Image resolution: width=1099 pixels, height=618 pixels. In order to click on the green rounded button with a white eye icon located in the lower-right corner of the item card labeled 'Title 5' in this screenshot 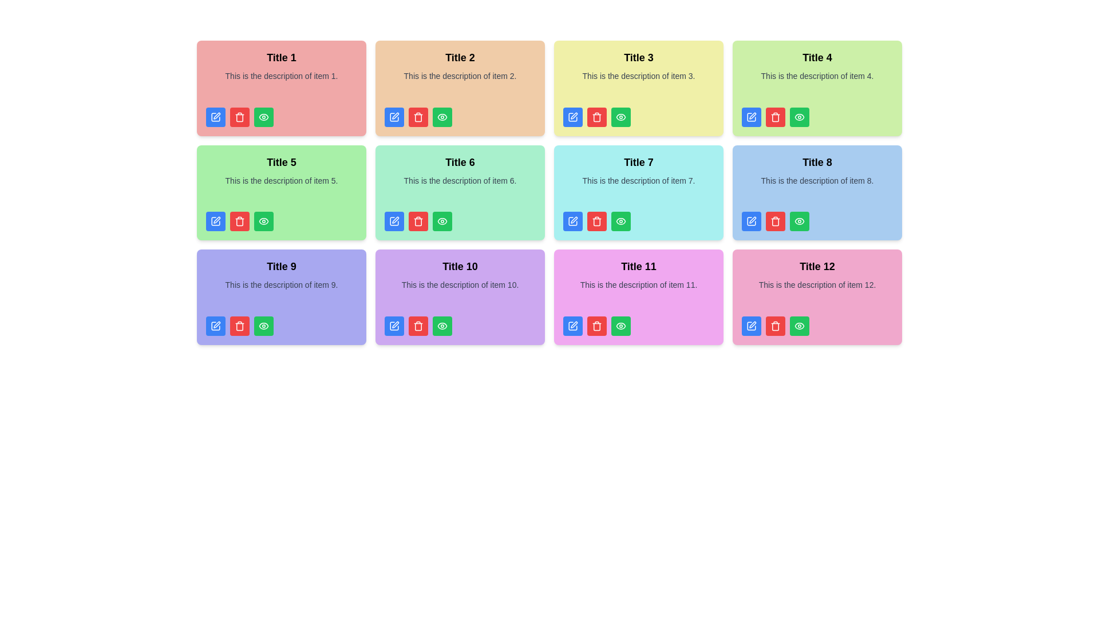, I will do `click(263, 221)`.